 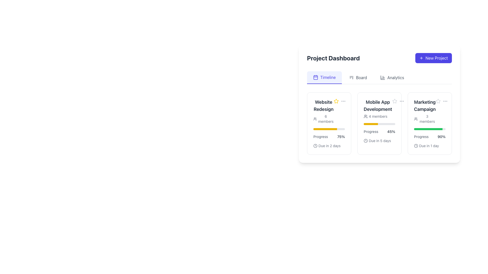 What do you see at coordinates (323, 111) in the screenshot?
I see `project name 'Website Redesign' and member count '6 members' displayed in bold and gray text respectively, located at the top-left section of the first card in the 'Timeline' view` at bounding box center [323, 111].